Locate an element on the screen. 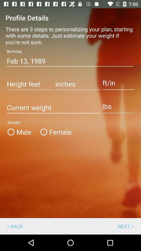  icon below the gender item is located at coordinates (126, 226).